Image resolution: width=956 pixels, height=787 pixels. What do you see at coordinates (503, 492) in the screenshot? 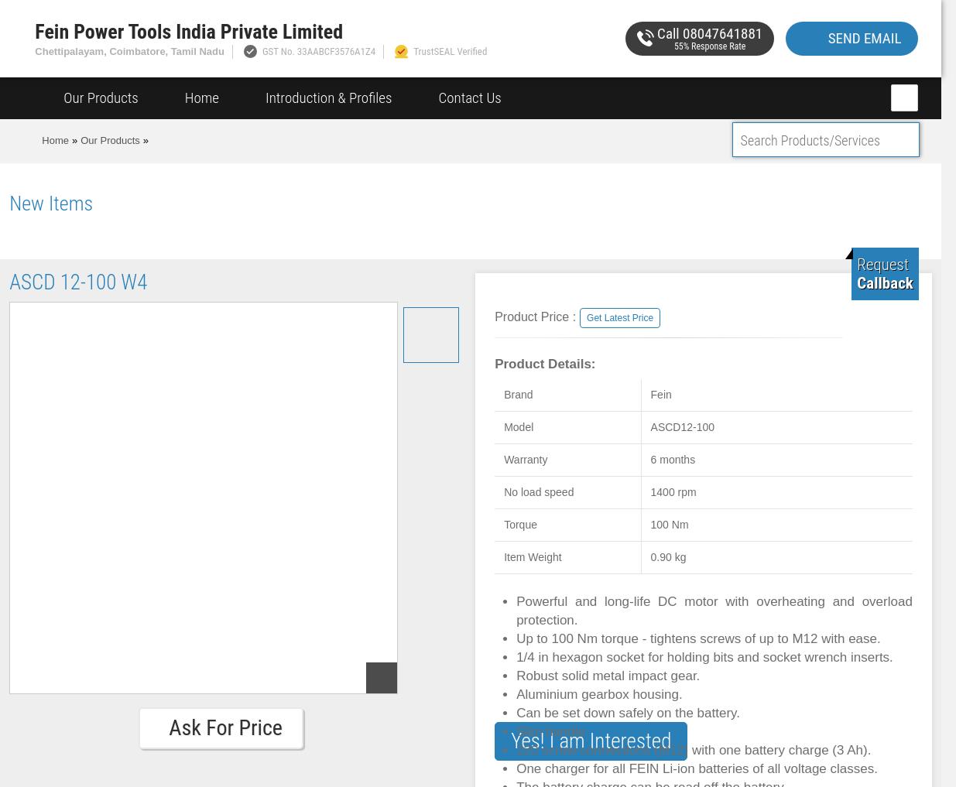
I see `'No load speed'` at bounding box center [503, 492].